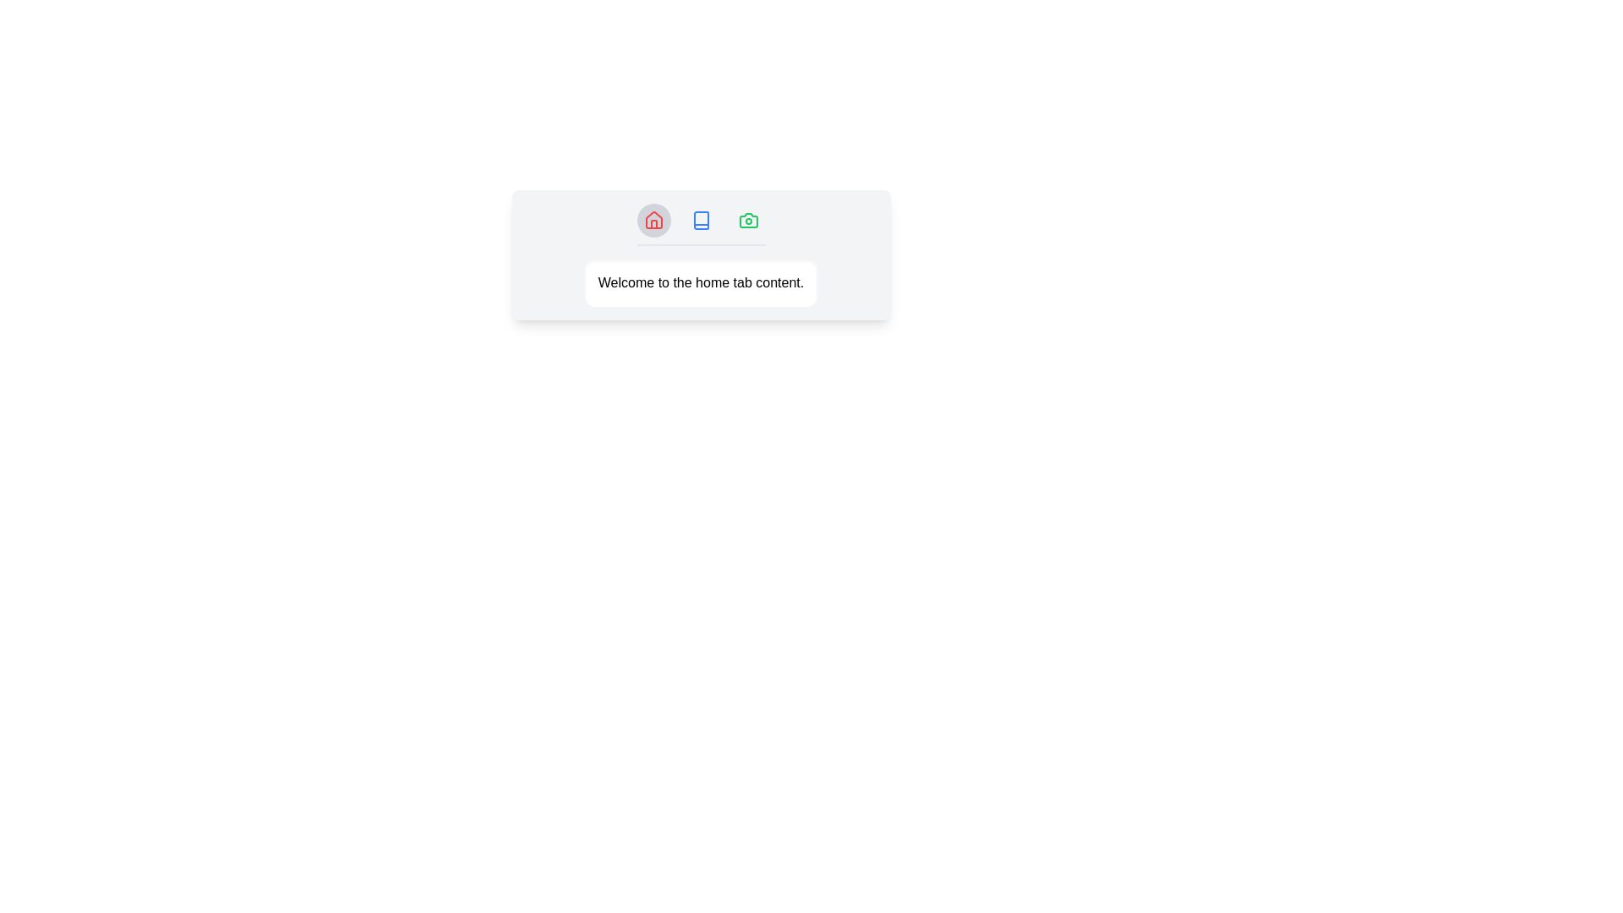 The height and width of the screenshot is (913, 1623). What do you see at coordinates (701, 220) in the screenshot?
I see `the tab icon corresponding to Library to switch to that tab` at bounding box center [701, 220].